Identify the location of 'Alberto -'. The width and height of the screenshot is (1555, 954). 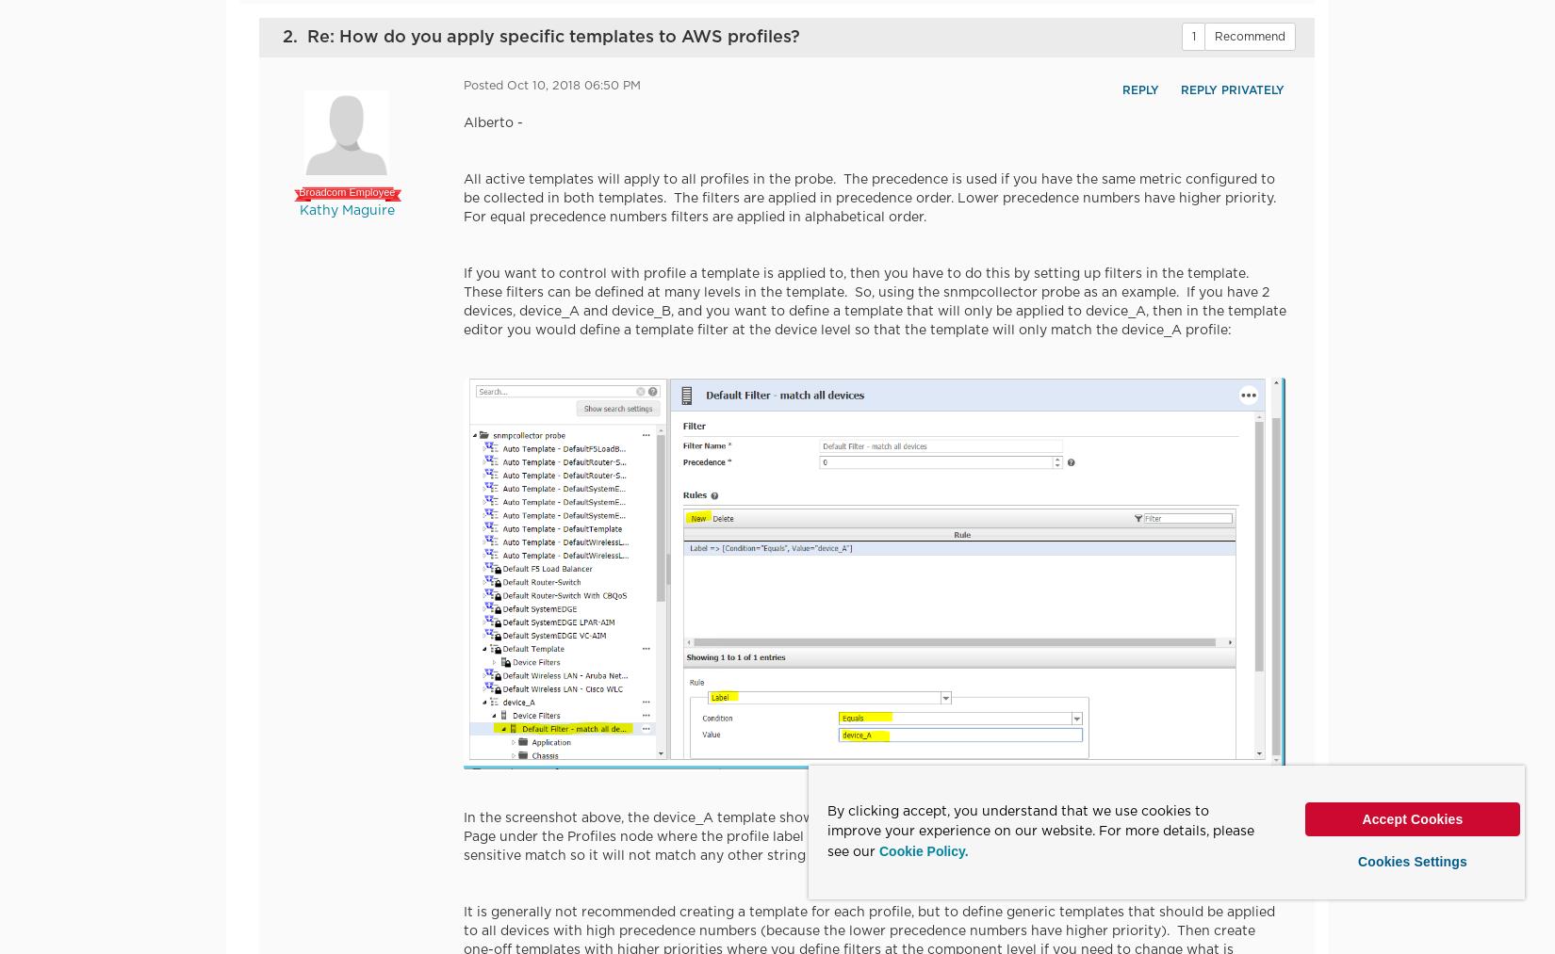
(462, 122).